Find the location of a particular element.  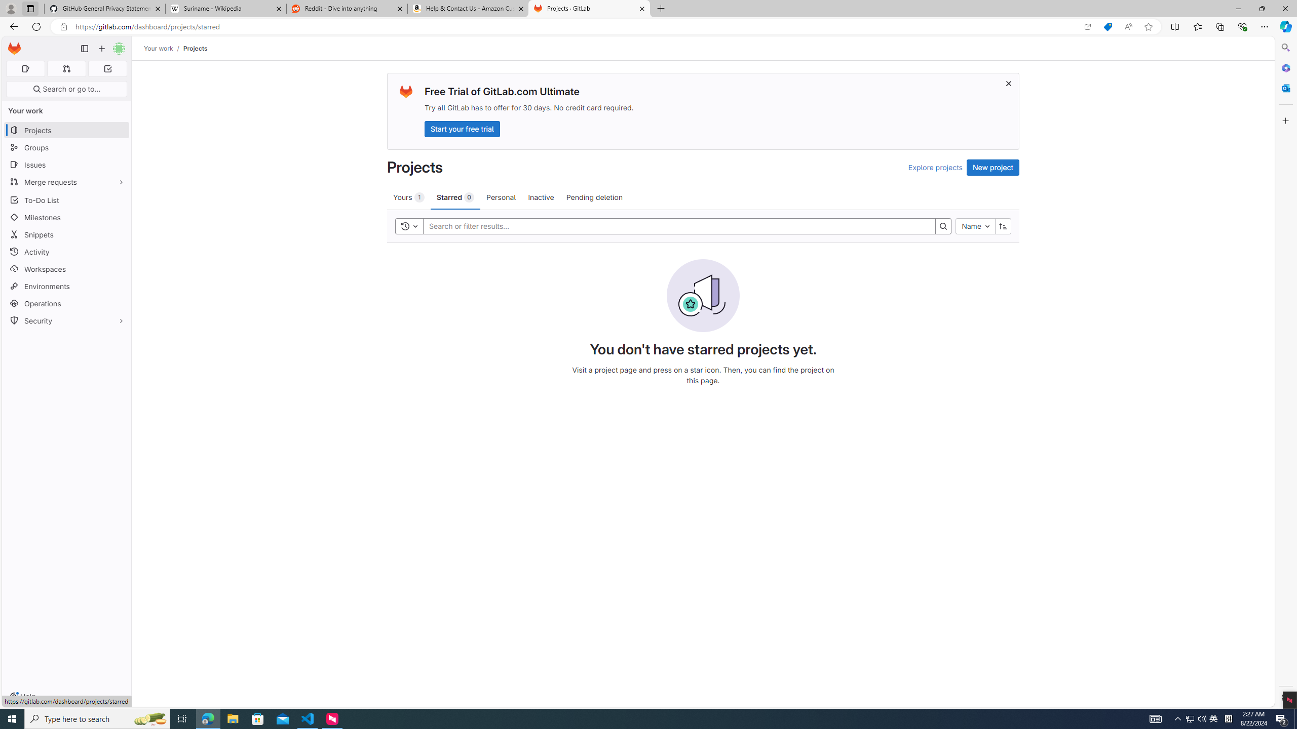

'Pending deletion' is located at coordinates (594, 196).